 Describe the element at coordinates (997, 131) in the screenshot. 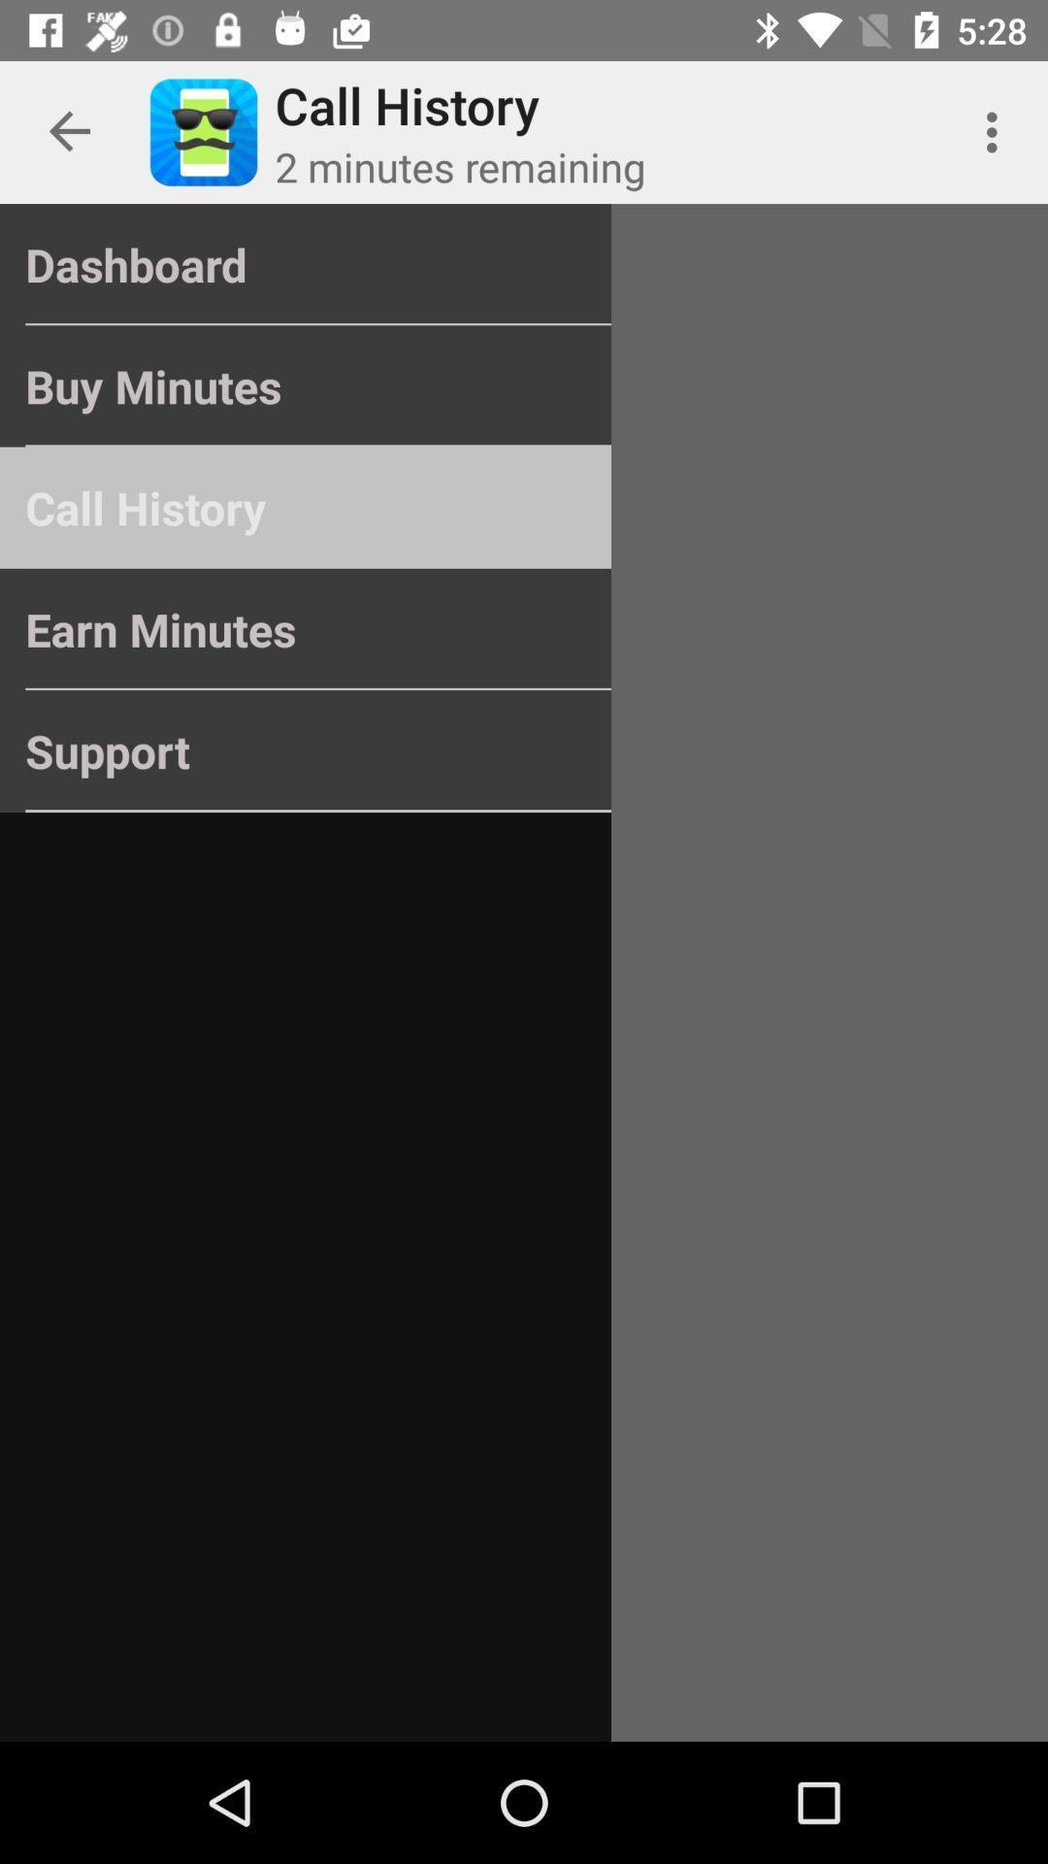

I see `the app to the right of 2 minutes remaining app` at that location.